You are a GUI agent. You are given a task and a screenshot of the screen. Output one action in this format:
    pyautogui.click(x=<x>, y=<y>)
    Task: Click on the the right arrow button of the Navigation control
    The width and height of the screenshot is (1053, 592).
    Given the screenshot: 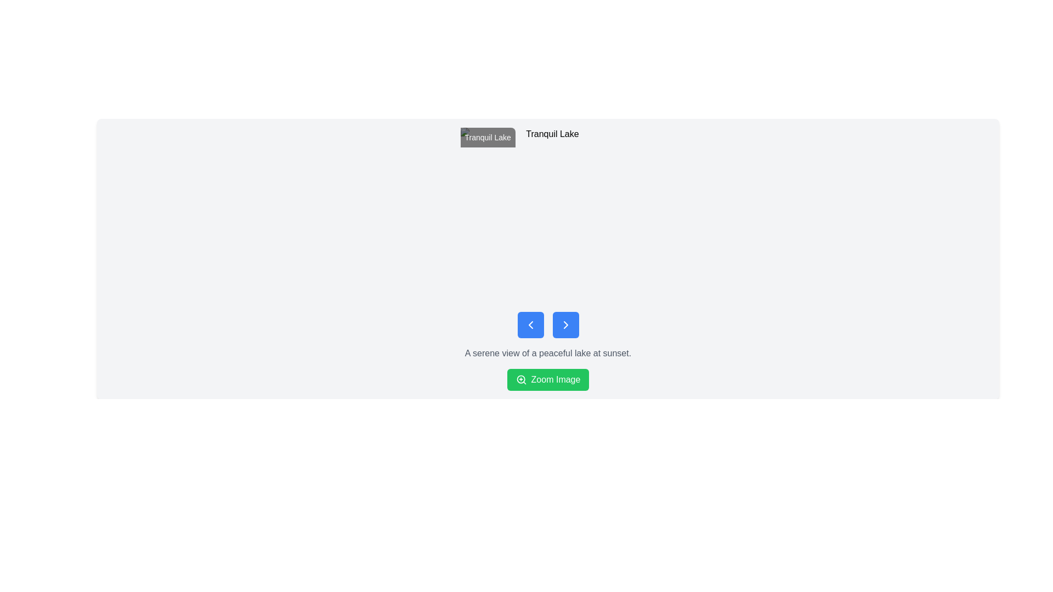 What is the action you would take?
    pyautogui.click(x=548, y=325)
    